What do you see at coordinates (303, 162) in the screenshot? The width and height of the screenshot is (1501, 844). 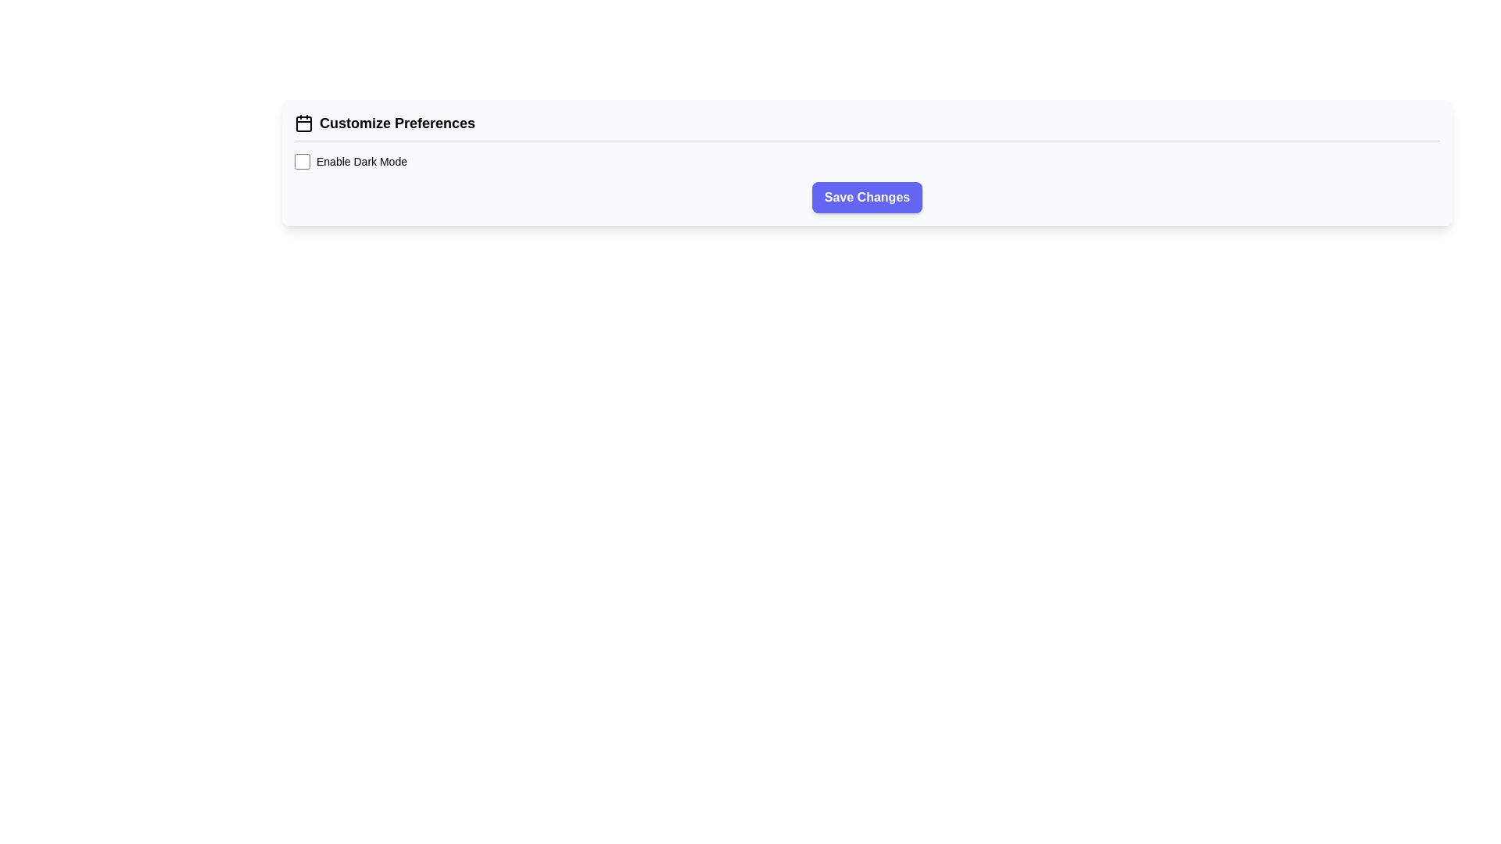 I see `the indigo checkbox labeled 'Enable Dark Mode'` at bounding box center [303, 162].